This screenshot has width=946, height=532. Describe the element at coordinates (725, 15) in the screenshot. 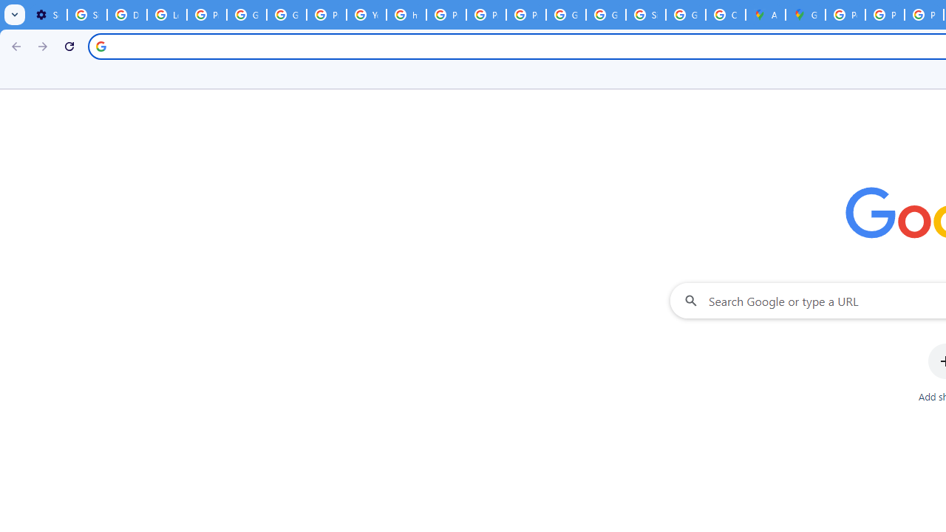

I see `'Create your Google Account'` at that location.